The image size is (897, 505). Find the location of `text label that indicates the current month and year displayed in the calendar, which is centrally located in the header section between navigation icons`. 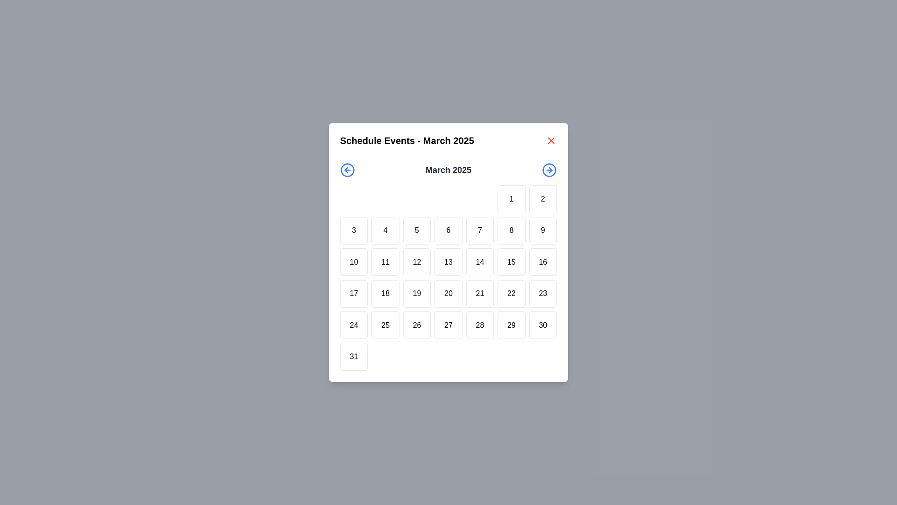

text label that indicates the current month and year displayed in the calendar, which is centrally located in the header section between navigation icons is located at coordinates (448, 170).